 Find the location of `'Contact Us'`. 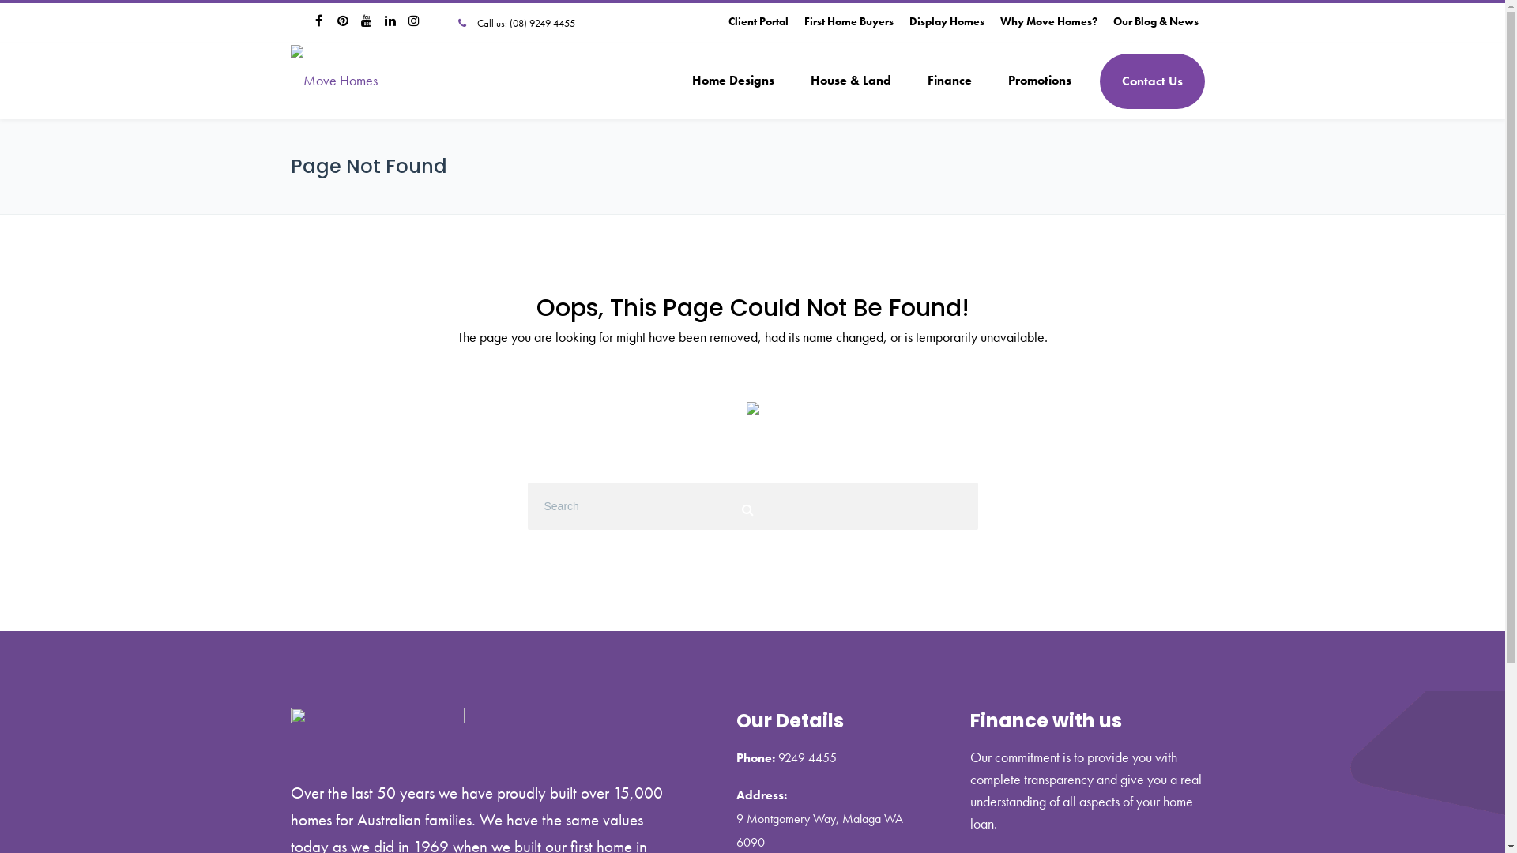

'Contact Us' is located at coordinates (1099, 81).